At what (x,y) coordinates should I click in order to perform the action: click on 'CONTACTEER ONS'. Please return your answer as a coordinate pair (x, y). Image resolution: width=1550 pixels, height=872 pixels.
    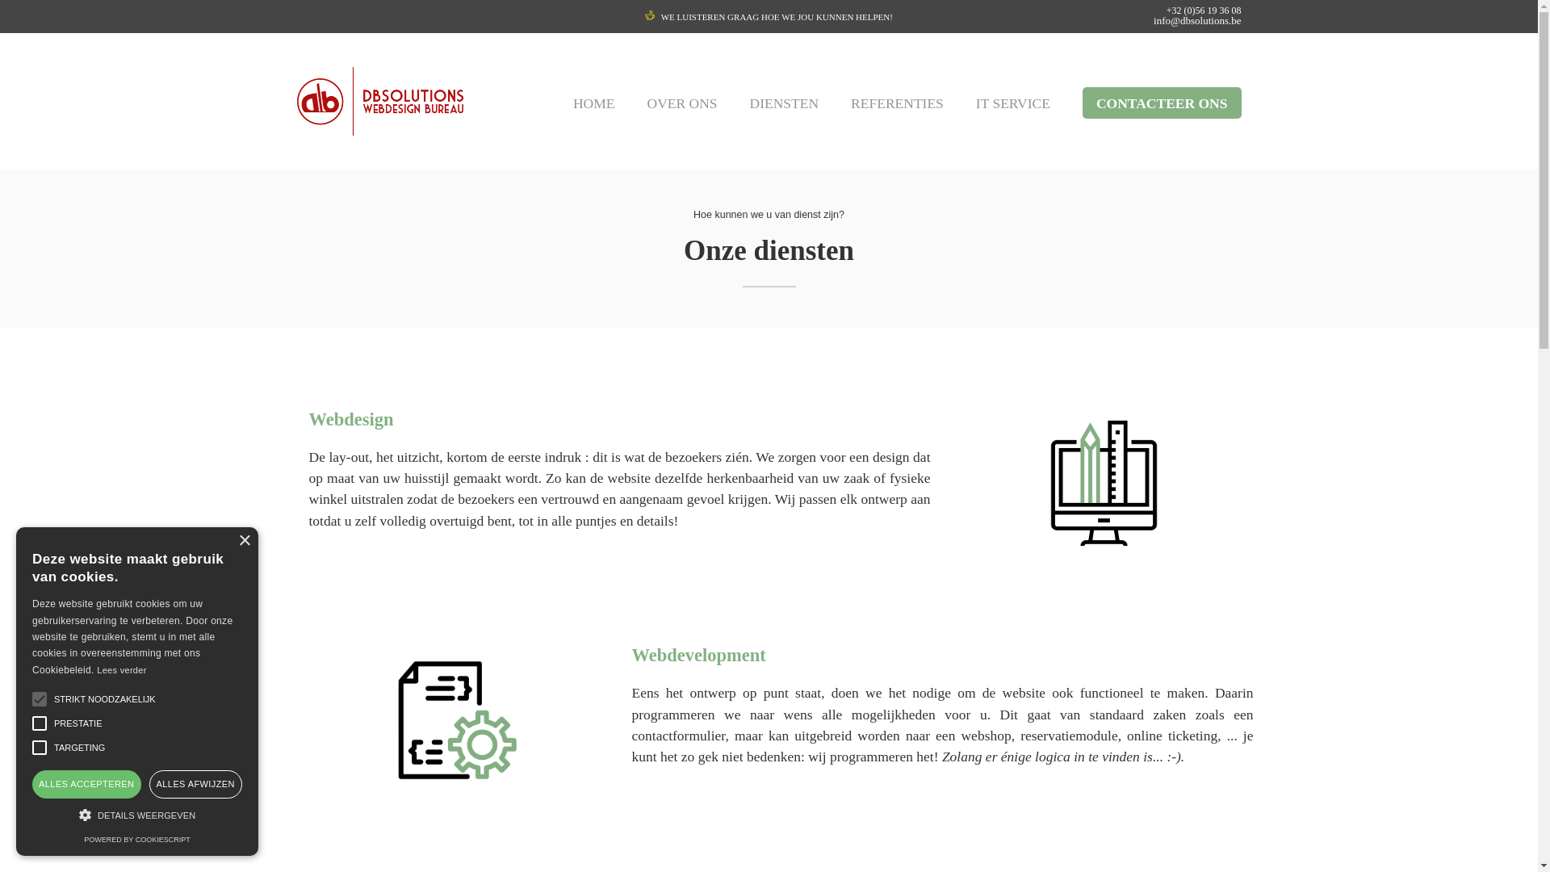
    Looking at the image, I should click on (1161, 103).